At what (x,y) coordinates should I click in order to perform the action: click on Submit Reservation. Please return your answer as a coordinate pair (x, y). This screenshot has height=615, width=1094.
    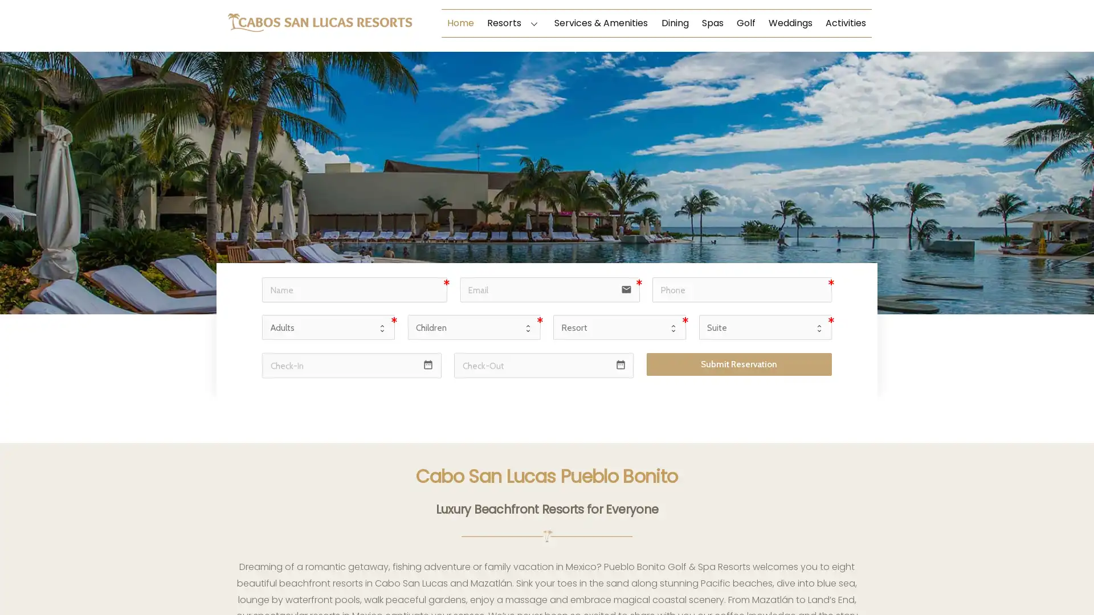
    Looking at the image, I should click on (738, 364).